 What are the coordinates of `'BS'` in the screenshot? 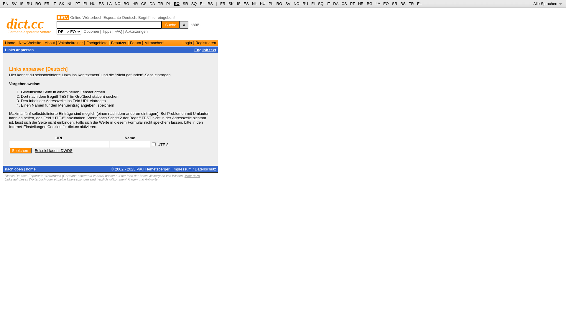 It's located at (208, 4).